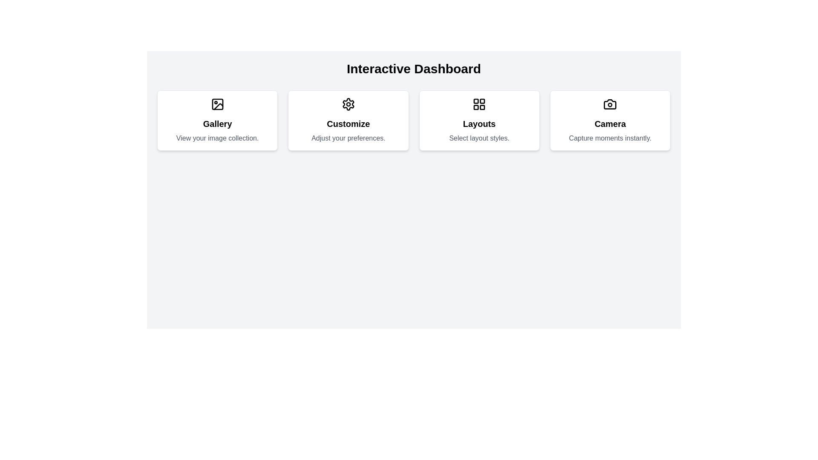 The height and width of the screenshot is (460, 818). What do you see at coordinates (217, 104) in the screenshot?
I see `the black outline image icon with a circular placeholder symbol located at the top-center of the first 'Gallery' card` at bounding box center [217, 104].